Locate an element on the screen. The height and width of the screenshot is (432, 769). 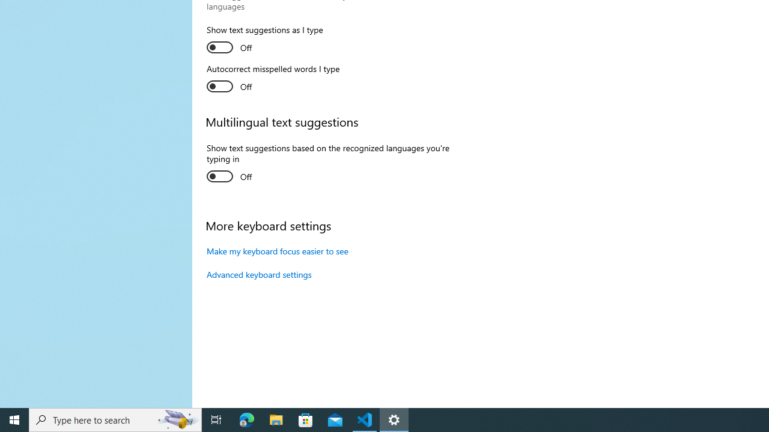
'Task View' is located at coordinates (216, 419).